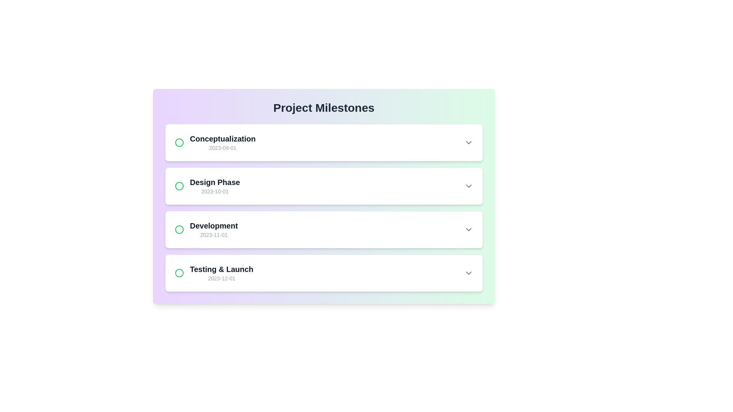 Image resolution: width=733 pixels, height=412 pixels. Describe the element at coordinates (468, 186) in the screenshot. I see `the SVG icon located on the far-right side of the 'Design Phase' milestone box` at that location.